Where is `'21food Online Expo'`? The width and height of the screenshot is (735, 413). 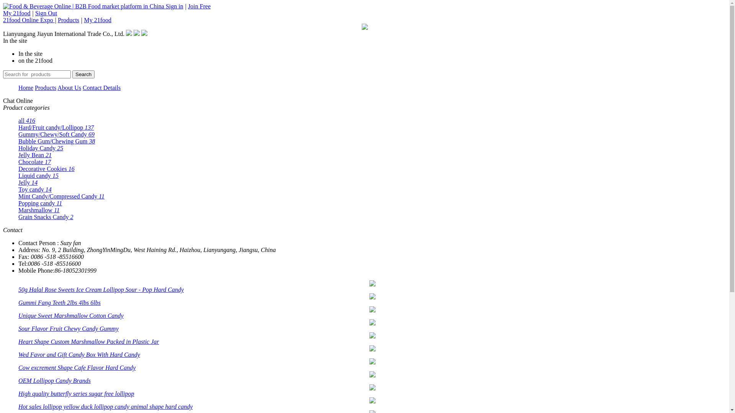 '21food Online Expo' is located at coordinates (29, 20).